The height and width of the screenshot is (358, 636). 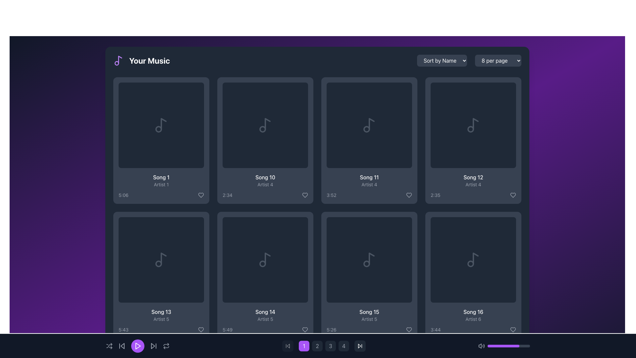 What do you see at coordinates (498, 346) in the screenshot?
I see `the volume` at bounding box center [498, 346].